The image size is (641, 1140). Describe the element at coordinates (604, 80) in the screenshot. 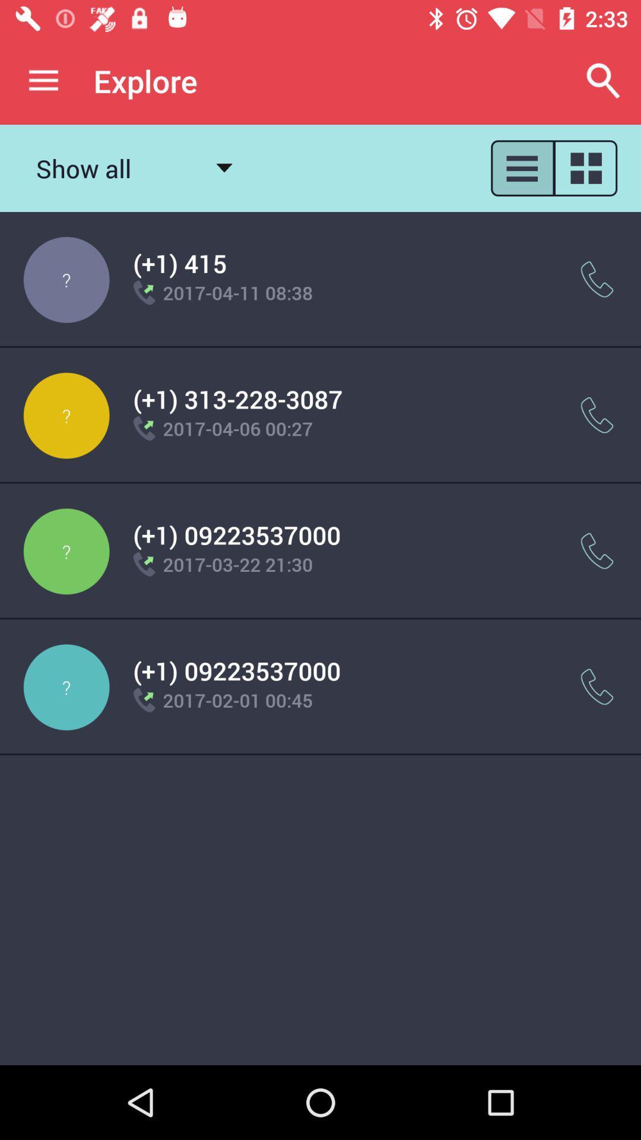

I see `icon next to explore app` at that location.